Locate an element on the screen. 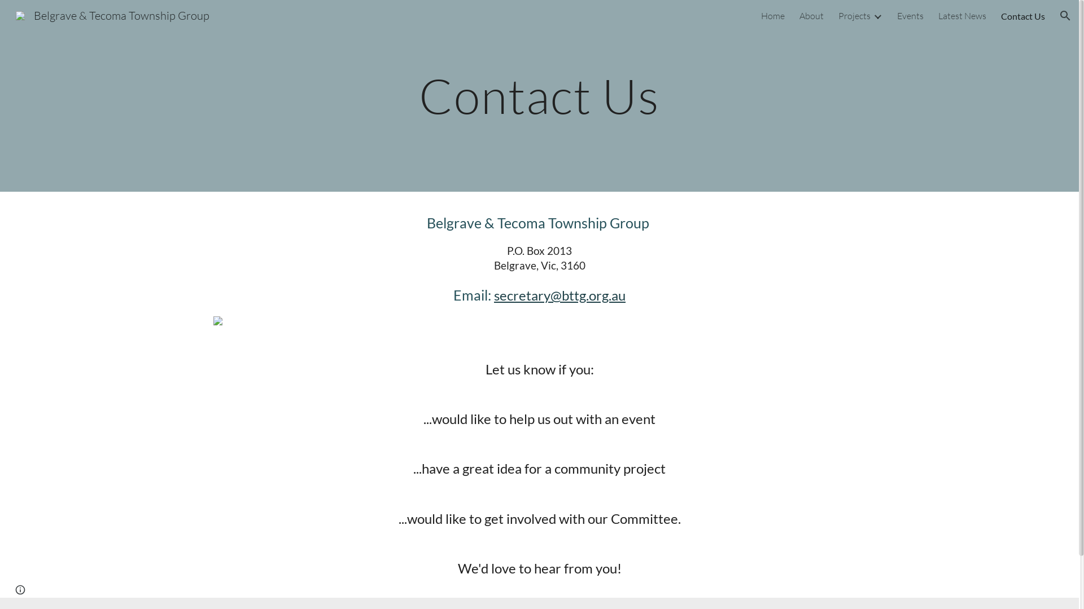 The width and height of the screenshot is (1084, 609). 'About' is located at coordinates (799, 15).